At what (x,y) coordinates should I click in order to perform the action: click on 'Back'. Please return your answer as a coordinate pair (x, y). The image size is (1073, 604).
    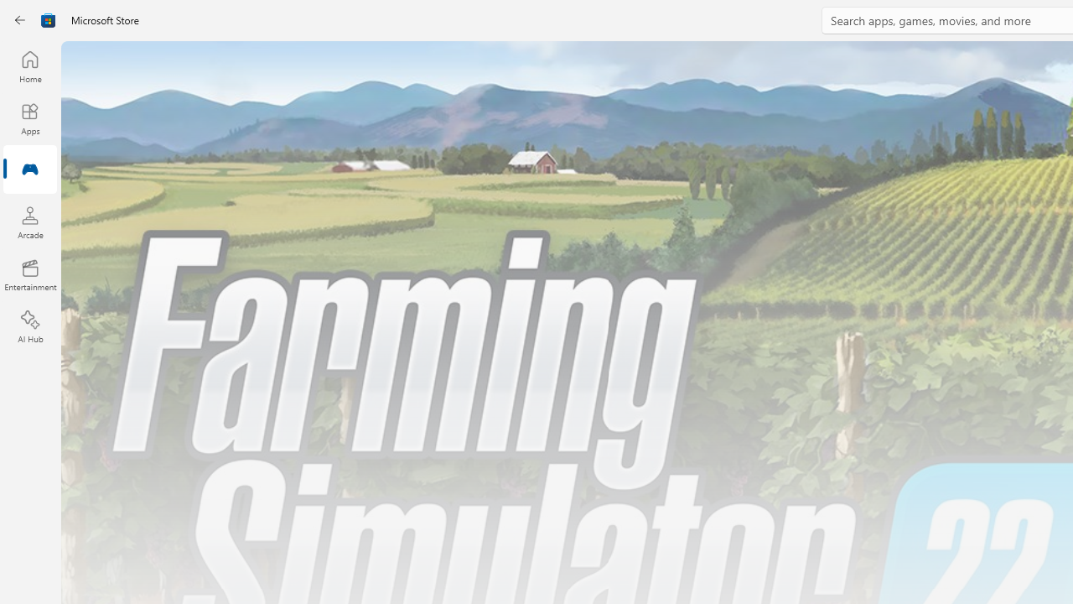
    Looking at the image, I should click on (20, 20).